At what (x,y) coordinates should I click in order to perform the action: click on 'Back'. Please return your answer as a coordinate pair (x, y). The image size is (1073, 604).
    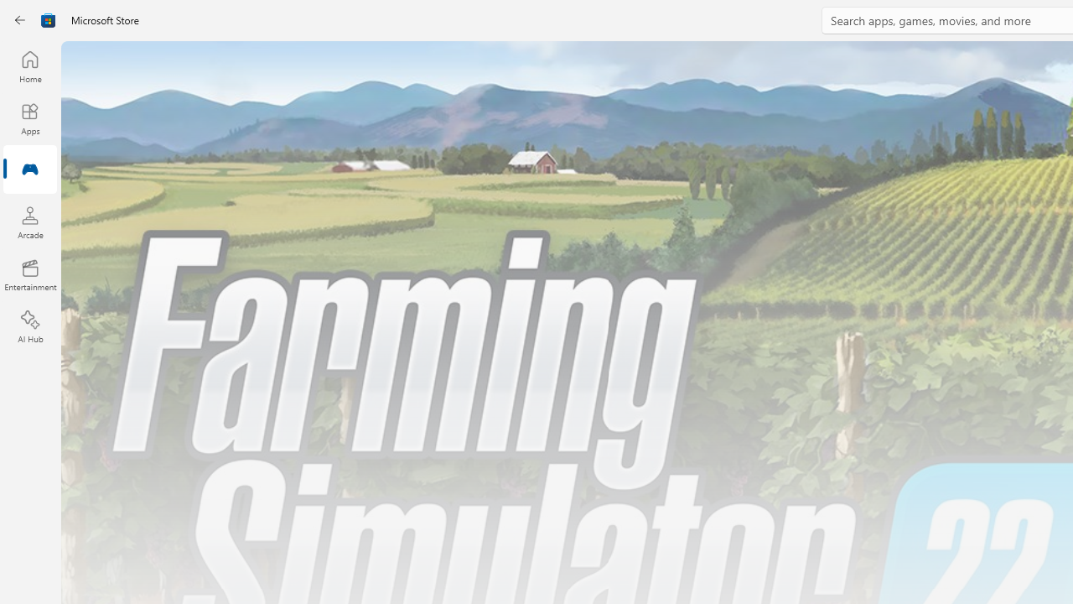
    Looking at the image, I should click on (20, 20).